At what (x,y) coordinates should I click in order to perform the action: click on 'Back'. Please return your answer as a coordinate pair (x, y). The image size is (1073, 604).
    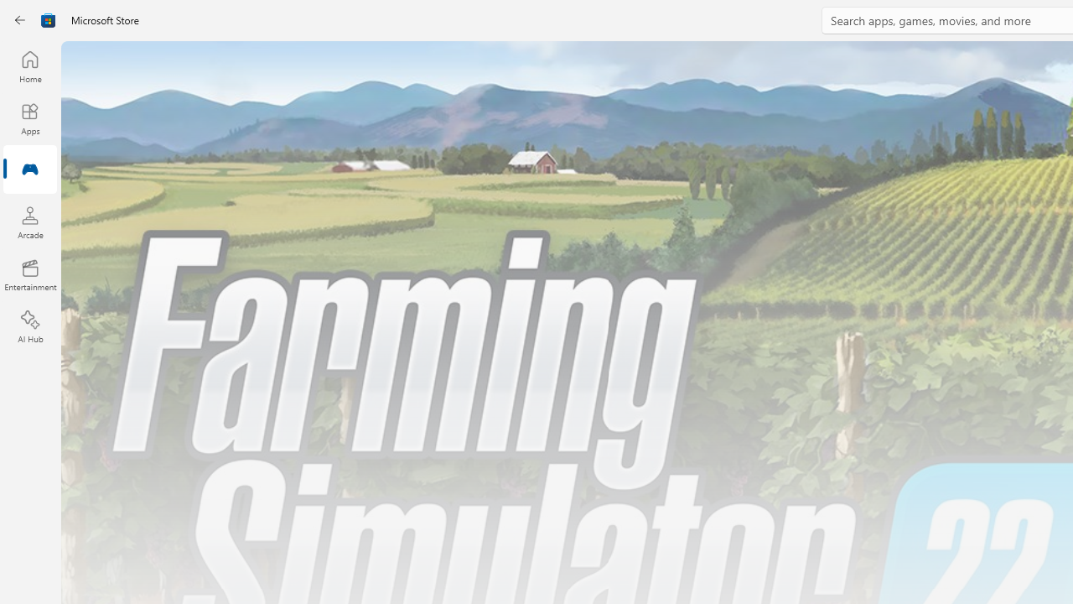
    Looking at the image, I should click on (20, 20).